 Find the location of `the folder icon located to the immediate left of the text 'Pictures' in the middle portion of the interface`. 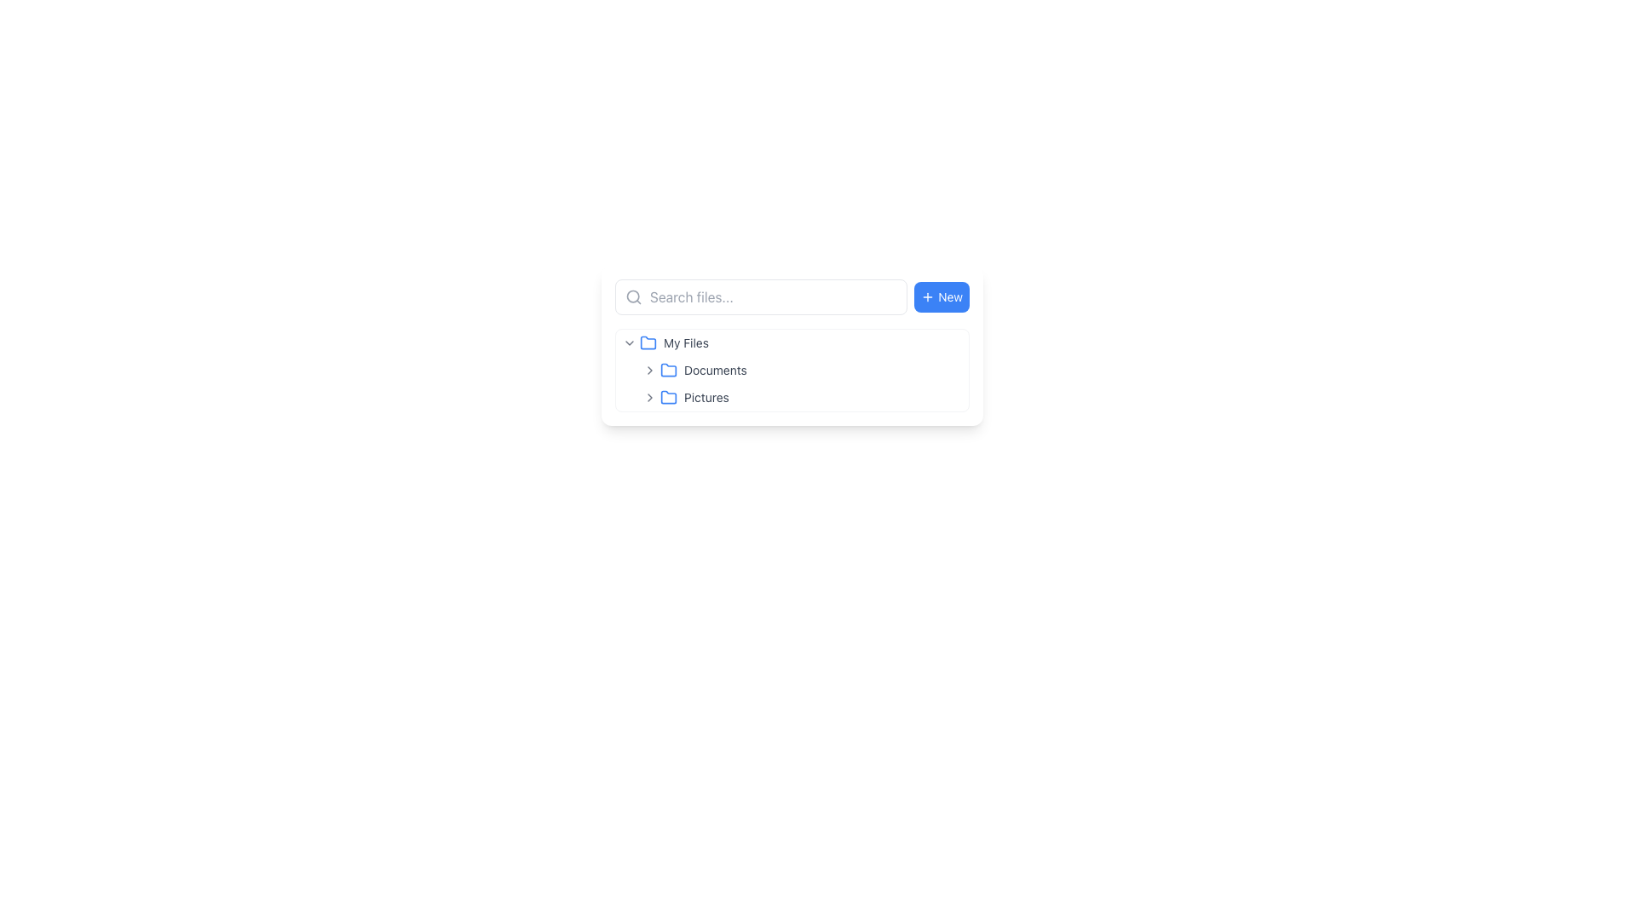

the folder icon located to the immediate left of the text 'Pictures' in the middle portion of the interface is located at coordinates (668, 397).